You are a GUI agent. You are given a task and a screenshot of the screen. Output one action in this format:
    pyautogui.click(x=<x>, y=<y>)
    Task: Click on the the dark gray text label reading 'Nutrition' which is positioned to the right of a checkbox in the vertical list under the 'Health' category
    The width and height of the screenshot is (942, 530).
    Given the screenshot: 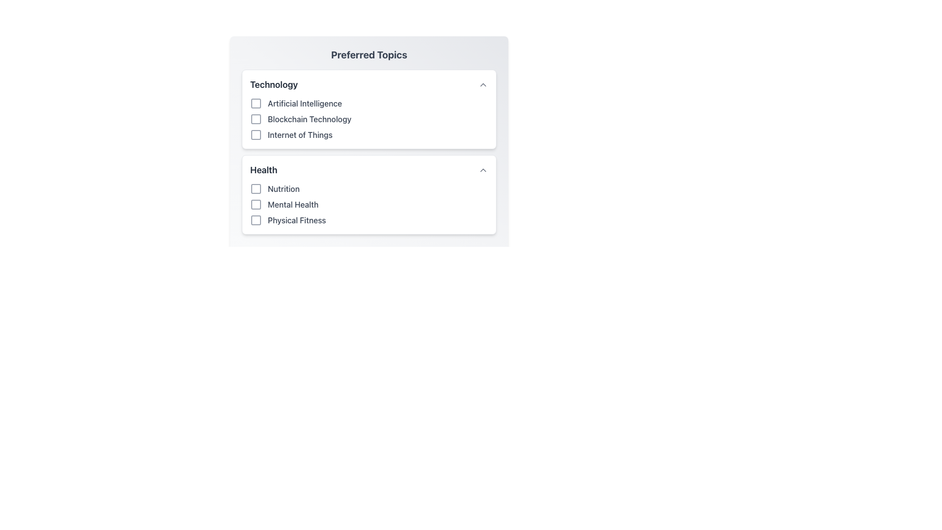 What is the action you would take?
    pyautogui.click(x=283, y=189)
    